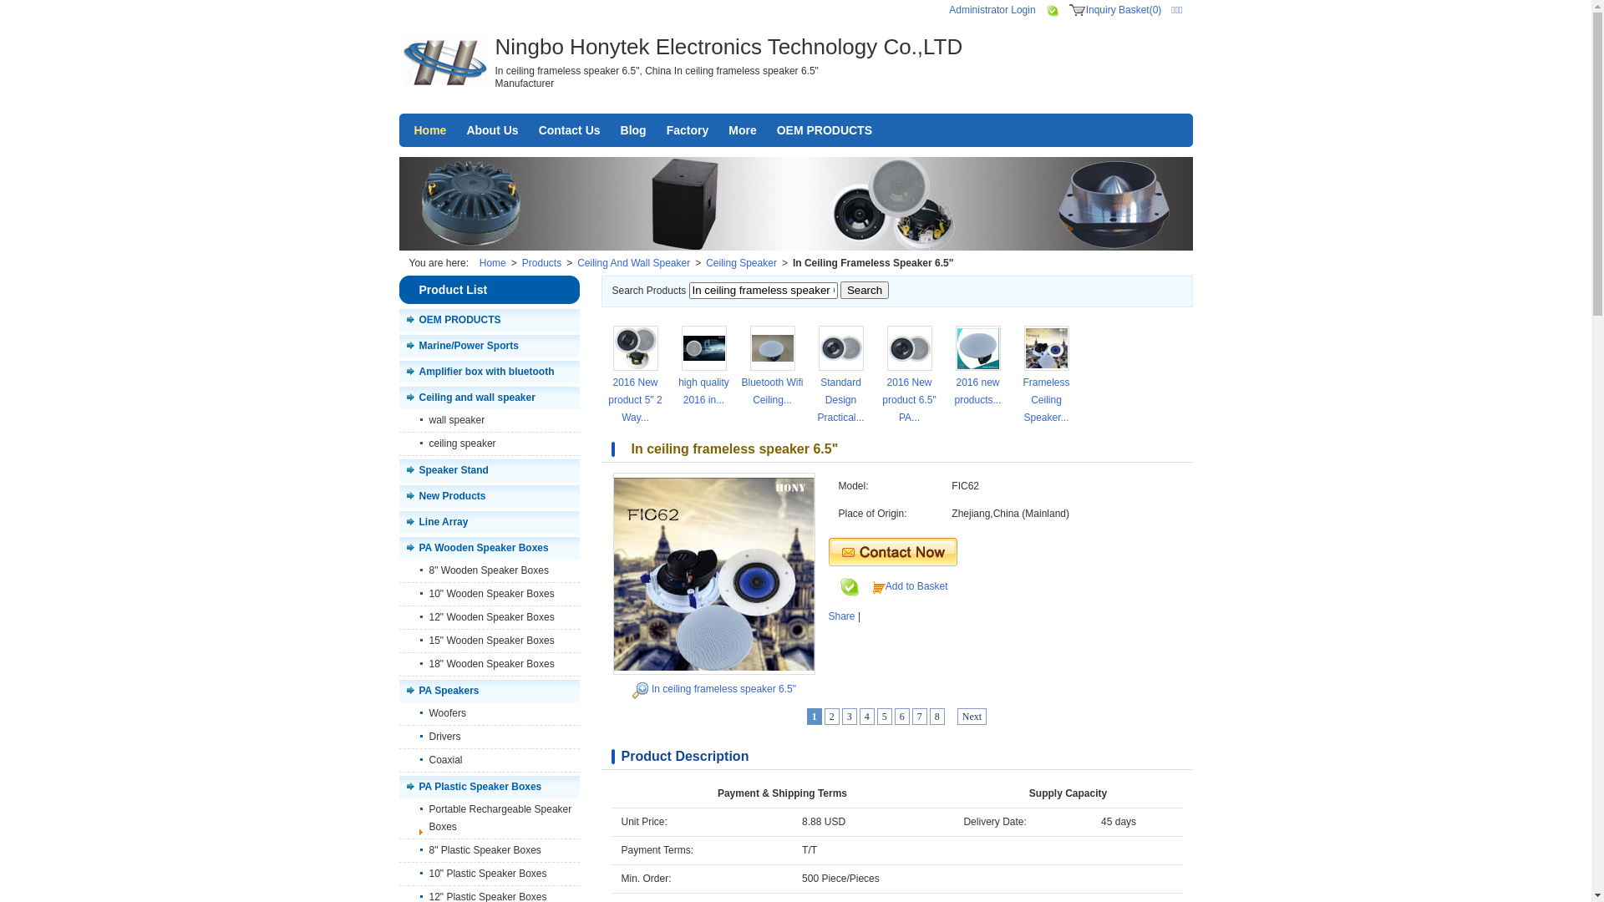  What do you see at coordinates (885, 585) in the screenshot?
I see `'Add to Basket'` at bounding box center [885, 585].